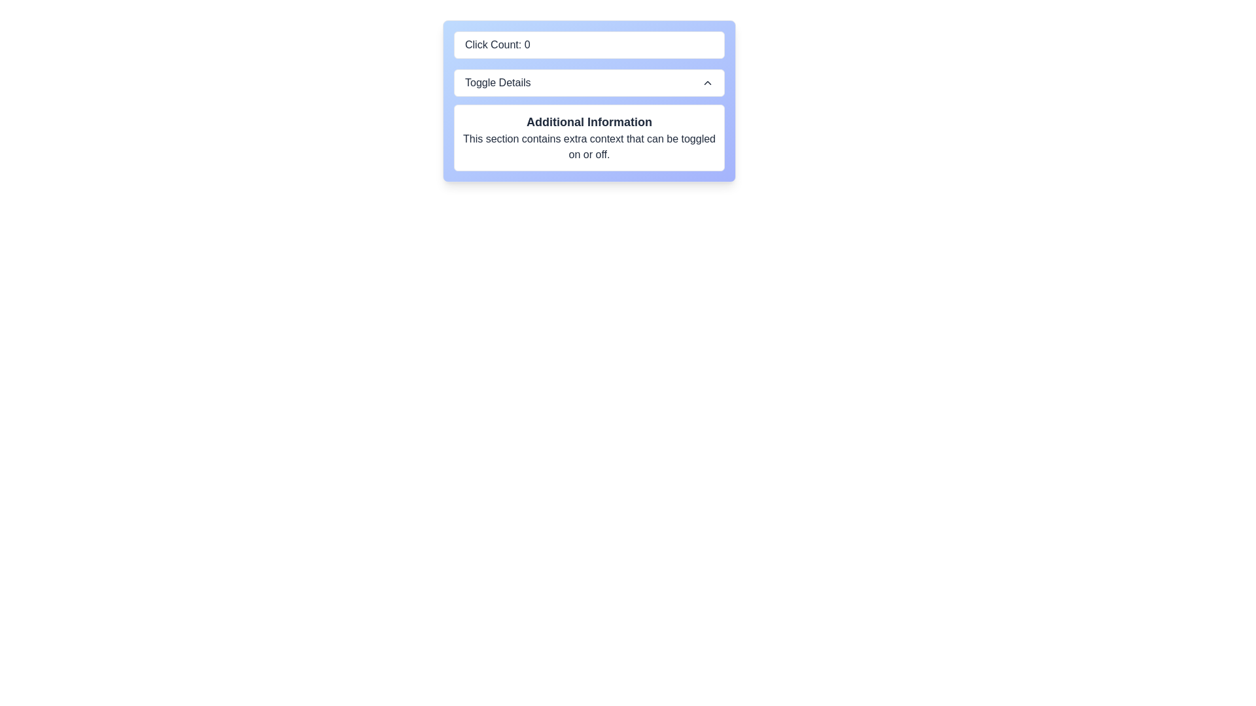 Image resolution: width=1256 pixels, height=706 pixels. What do you see at coordinates (589, 138) in the screenshot?
I see `the 'Additional Information' content section element, which has a white background and contains a heading and informational text` at bounding box center [589, 138].